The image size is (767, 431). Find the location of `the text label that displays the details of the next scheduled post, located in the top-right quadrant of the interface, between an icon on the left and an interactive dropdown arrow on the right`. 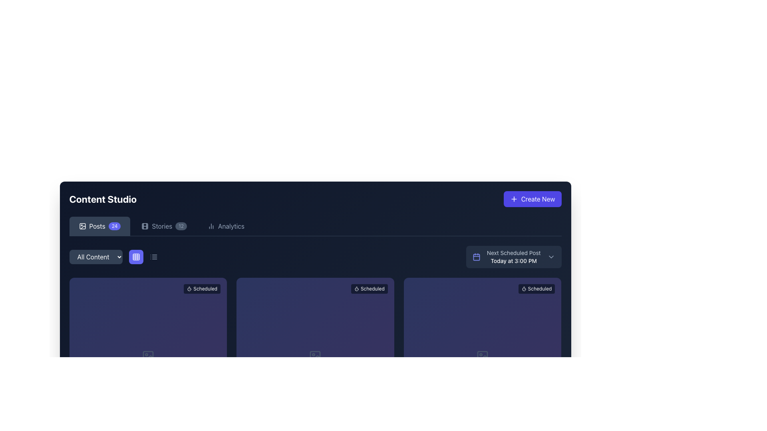

the text label that displays the details of the next scheduled post, located in the top-right quadrant of the interface, between an icon on the left and an interactive dropdown arrow on the right is located at coordinates (514, 257).